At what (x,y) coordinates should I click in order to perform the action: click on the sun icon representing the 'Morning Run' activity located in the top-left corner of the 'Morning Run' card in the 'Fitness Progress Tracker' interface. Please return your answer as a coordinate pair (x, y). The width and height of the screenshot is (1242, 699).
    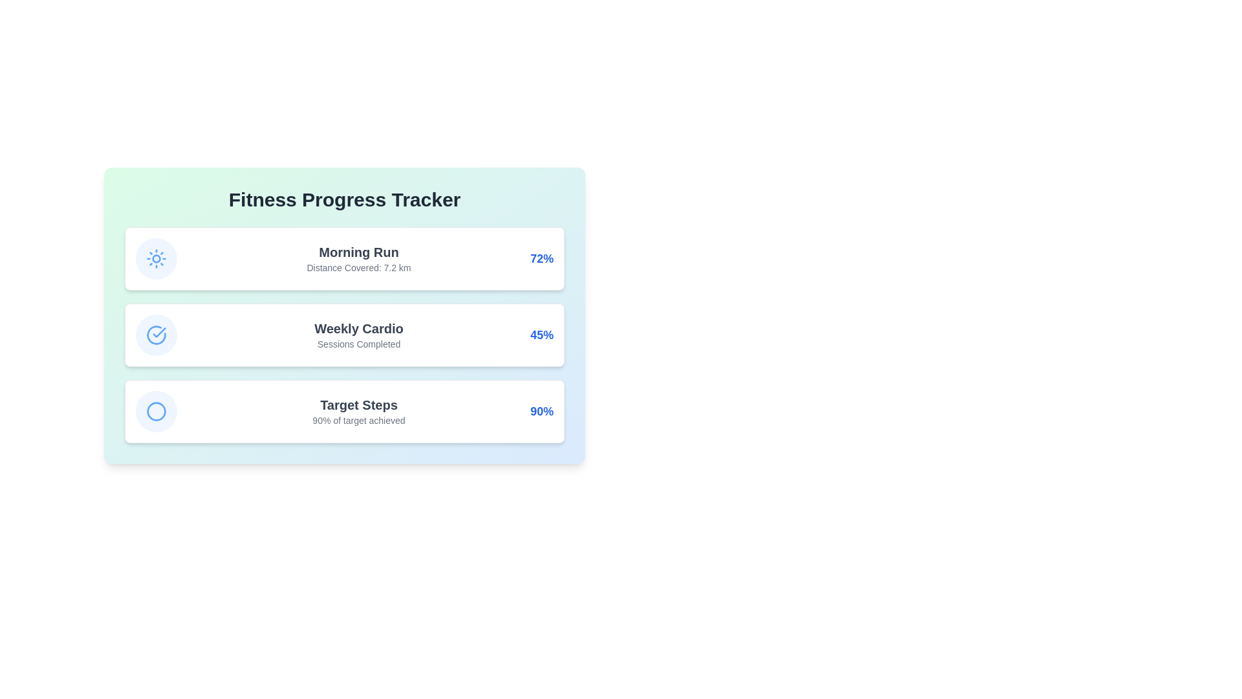
    Looking at the image, I should click on (155, 259).